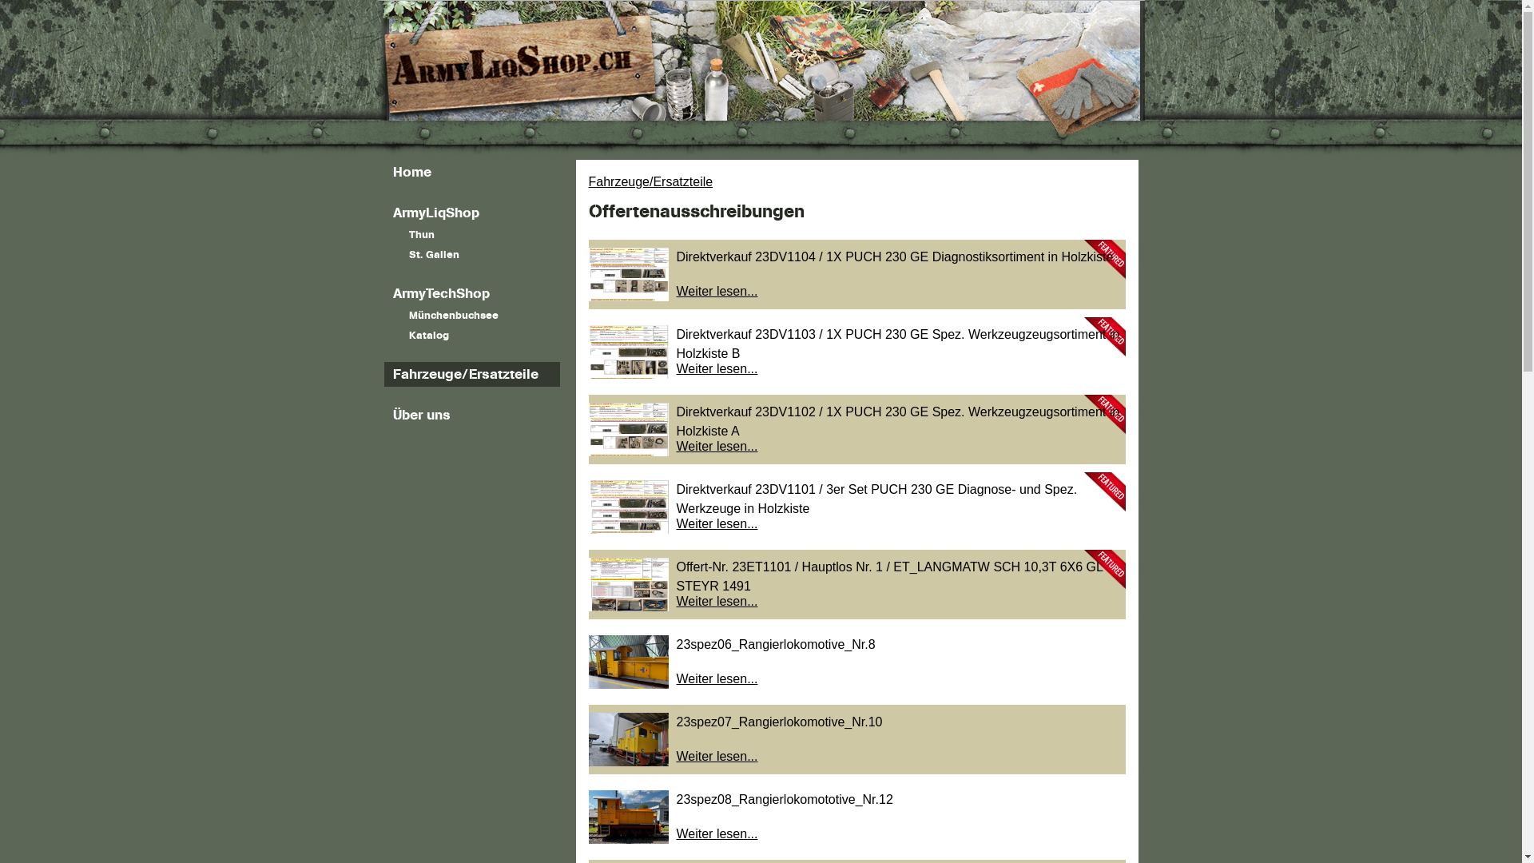  What do you see at coordinates (586, 181) in the screenshot?
I see `'Fahrzeuge/Ersatzteile'` at bounding box center [586, 181].